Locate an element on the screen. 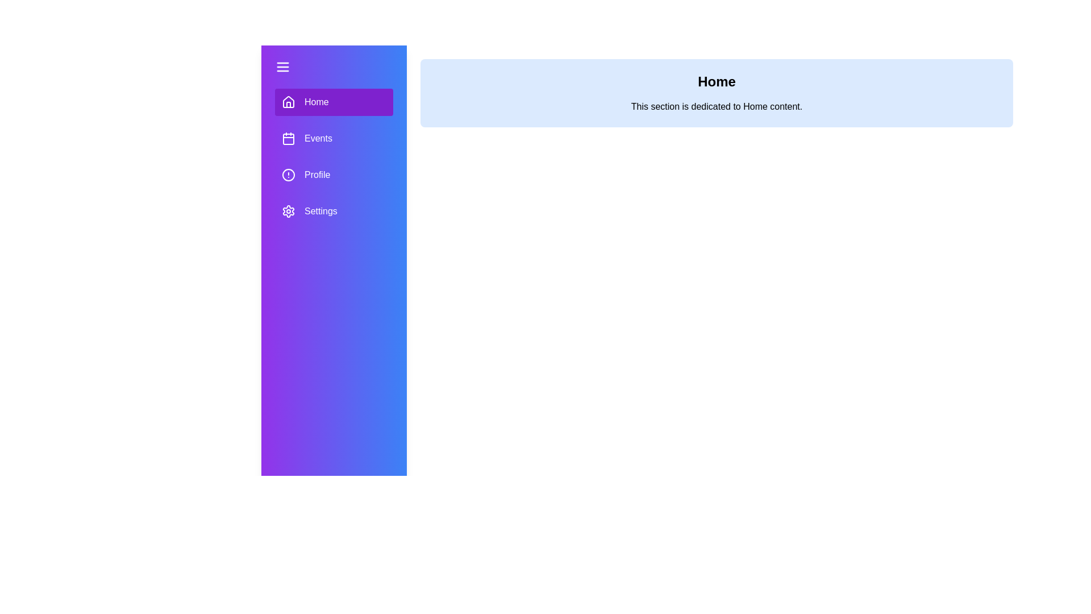 The image size is (1091, 614). the circular SVG component that forms the outer boundary of the alert icon next to the 'Profile' menu item to activate its related functionality is located at coordinates (289, 175).